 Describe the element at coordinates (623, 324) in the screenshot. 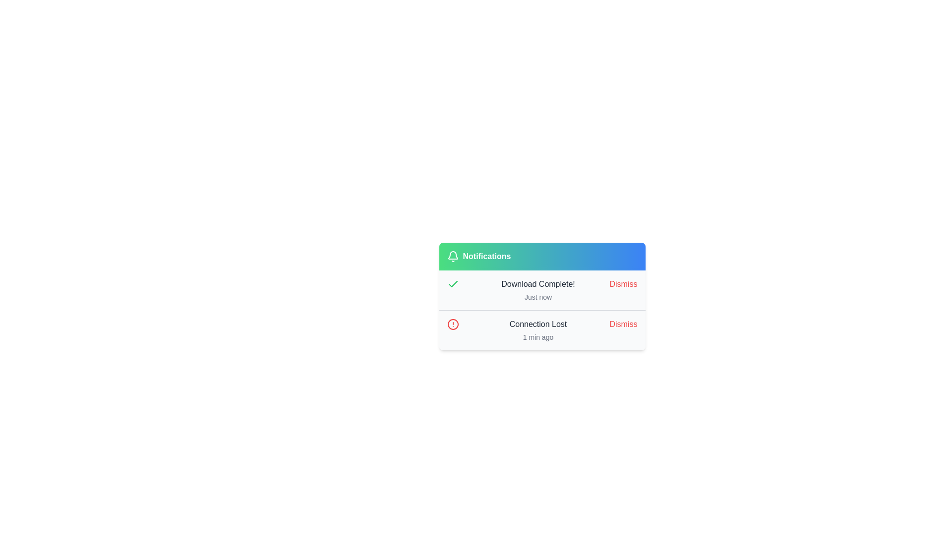

I see `the dismiss button located in the bottom-right corner of the 'Connection Lost' notification card` at that location.